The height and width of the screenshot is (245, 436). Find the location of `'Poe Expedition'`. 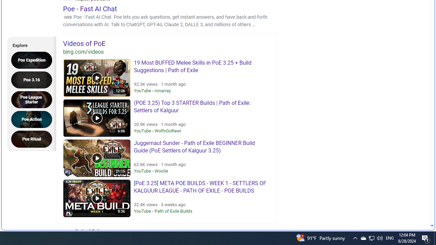

'Poe Expedition' is located at coordinates (33, 60).